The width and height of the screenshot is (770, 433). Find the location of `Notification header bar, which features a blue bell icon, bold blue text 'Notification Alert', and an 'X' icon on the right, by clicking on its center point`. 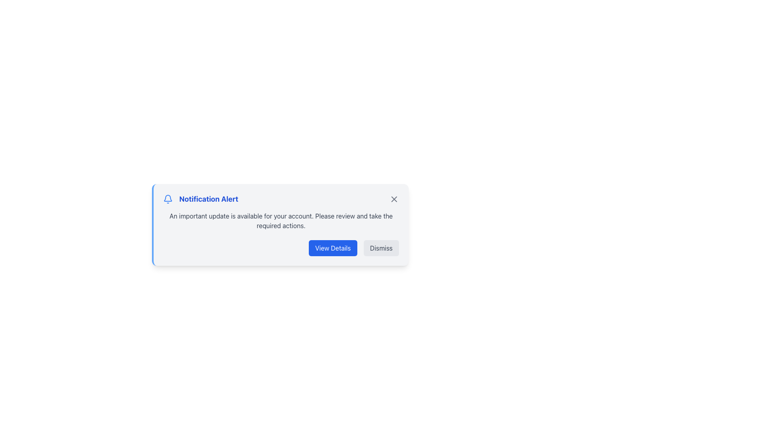

Notification header bar, which features a blue bell icon, bold blue text 'Notification Alert', and an 'X' icon on the right, by clicking on its center point is located at coordinates (281, 199).